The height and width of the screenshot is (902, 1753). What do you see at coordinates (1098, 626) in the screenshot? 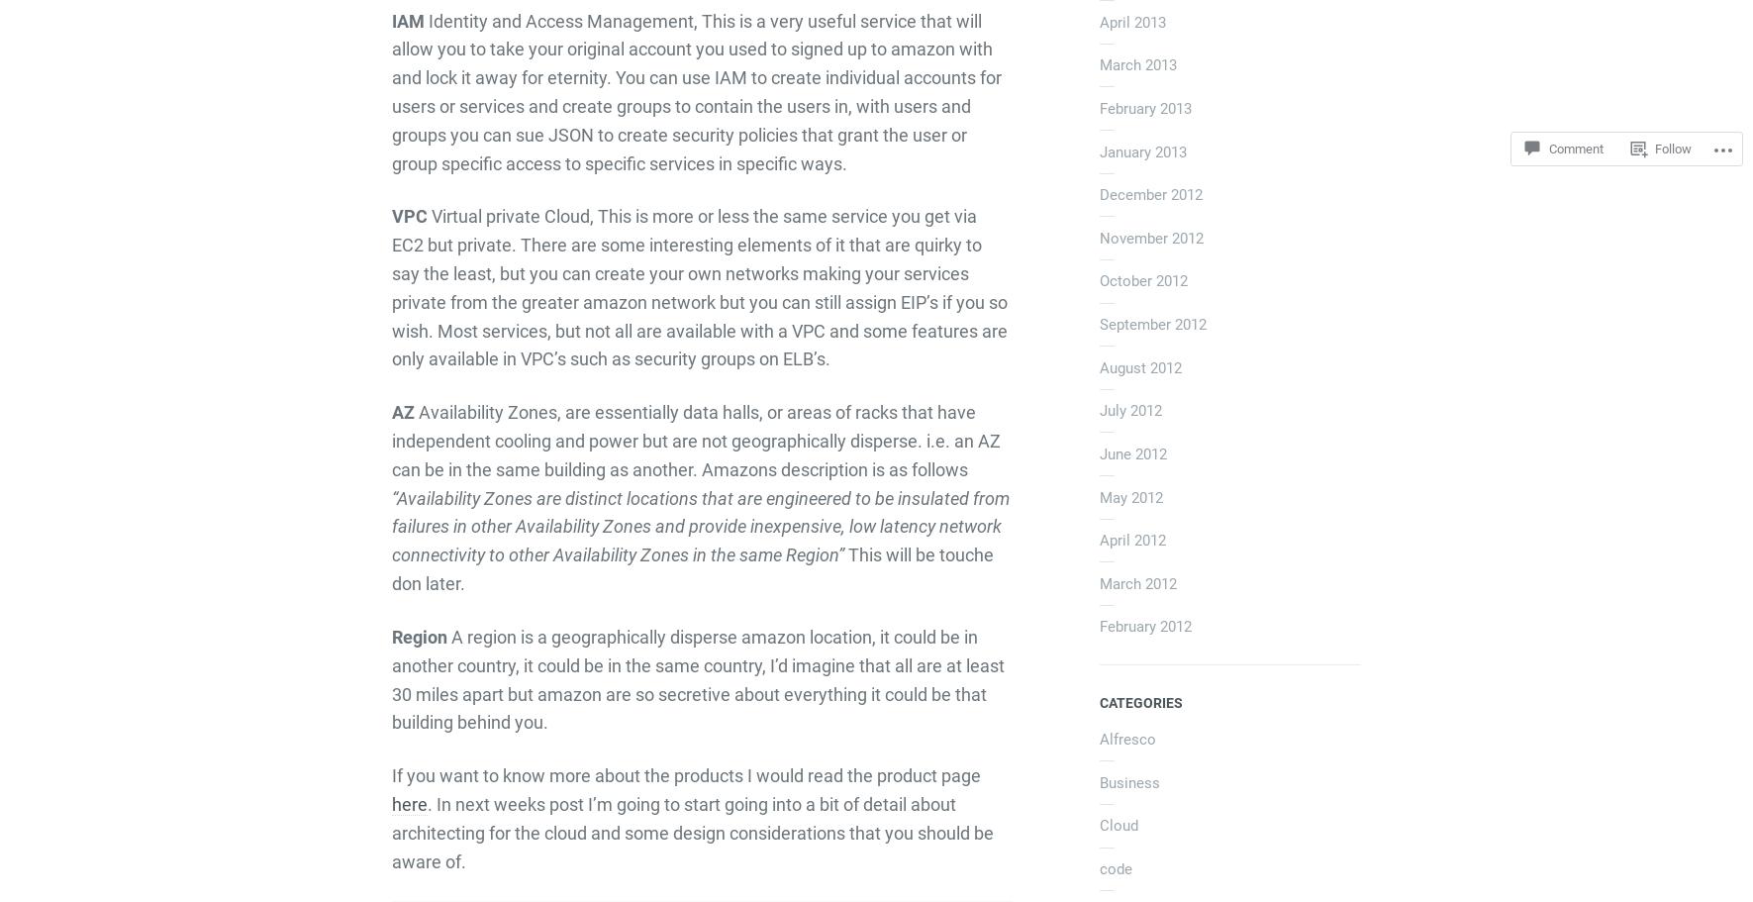
I see `'February 2012'` at bounding box center [1098, 626].